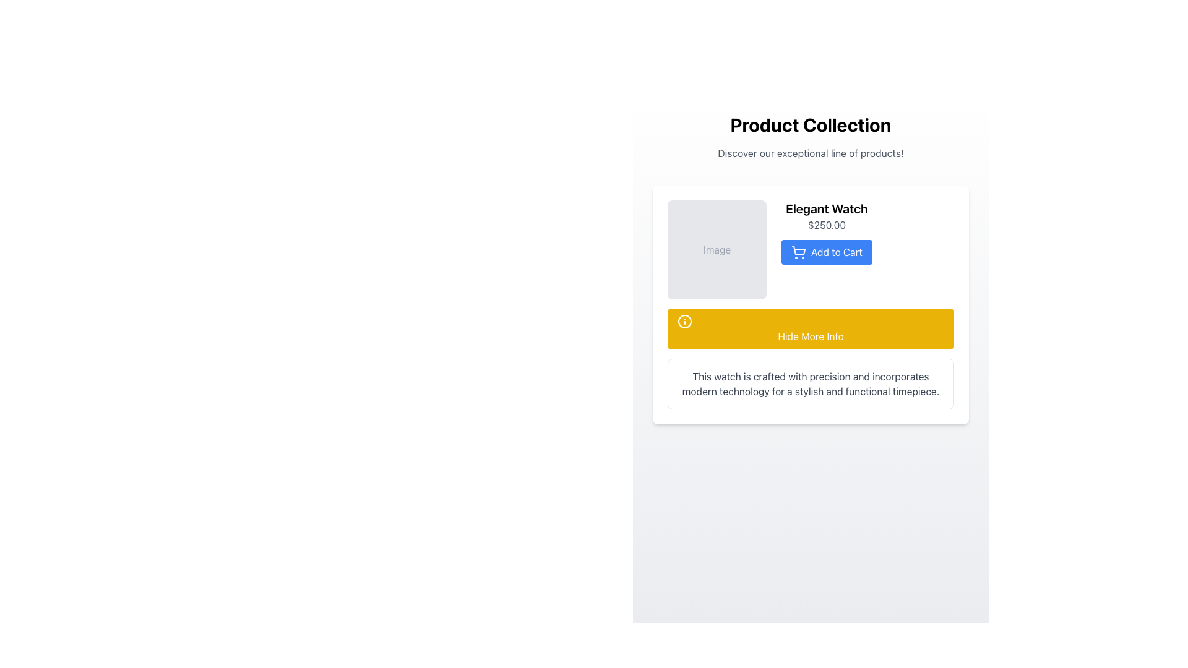  Describe the element at coordinates (827, 252) in the screenshot. I see `the blue 'Add to Cart' button with a cart icon located below the product name 'Elegant Watch' and price '$250.00'` at that location.